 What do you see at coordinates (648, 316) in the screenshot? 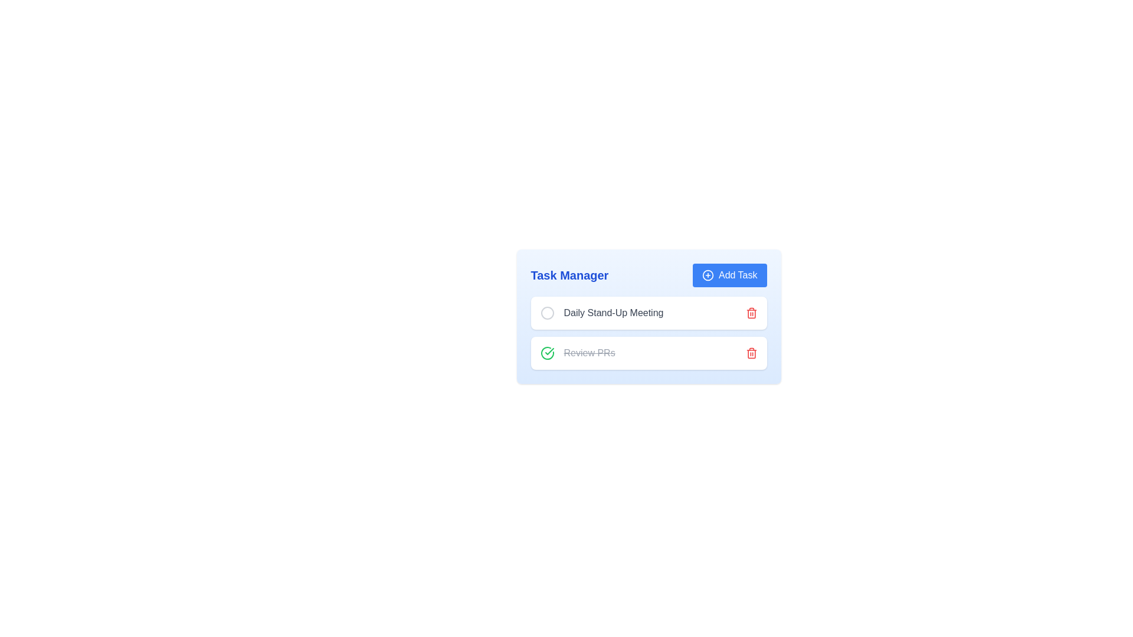
I see `the 'Daily Stand-Up Meeting' task card text in the task manager interface` at bounding box center [648, 316].